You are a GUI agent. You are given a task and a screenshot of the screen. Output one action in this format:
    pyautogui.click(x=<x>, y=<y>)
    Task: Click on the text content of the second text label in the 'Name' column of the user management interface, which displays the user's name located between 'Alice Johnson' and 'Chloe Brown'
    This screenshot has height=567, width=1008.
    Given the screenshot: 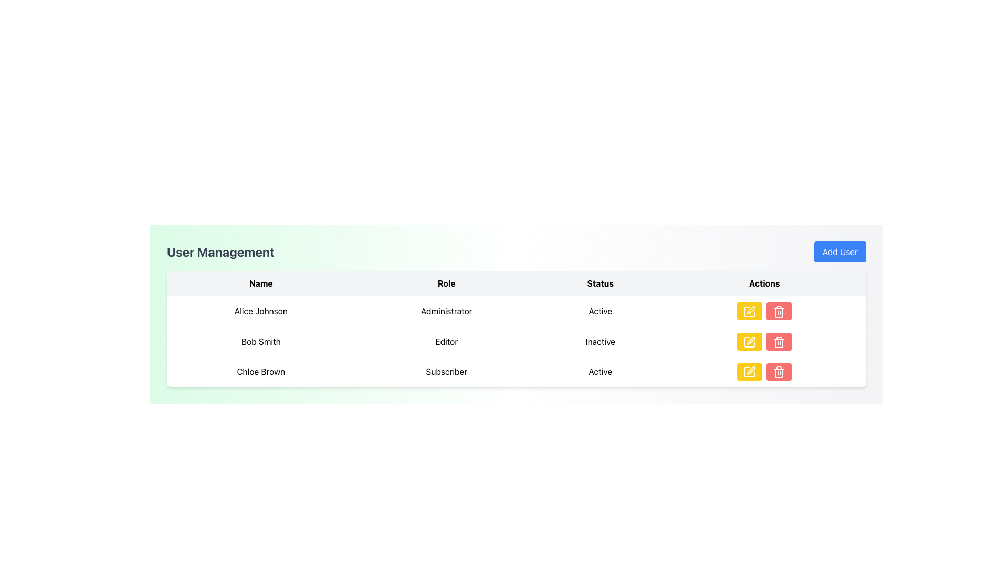 What is the action you would take?
    pyautogui.click(x=261, y=341)
    